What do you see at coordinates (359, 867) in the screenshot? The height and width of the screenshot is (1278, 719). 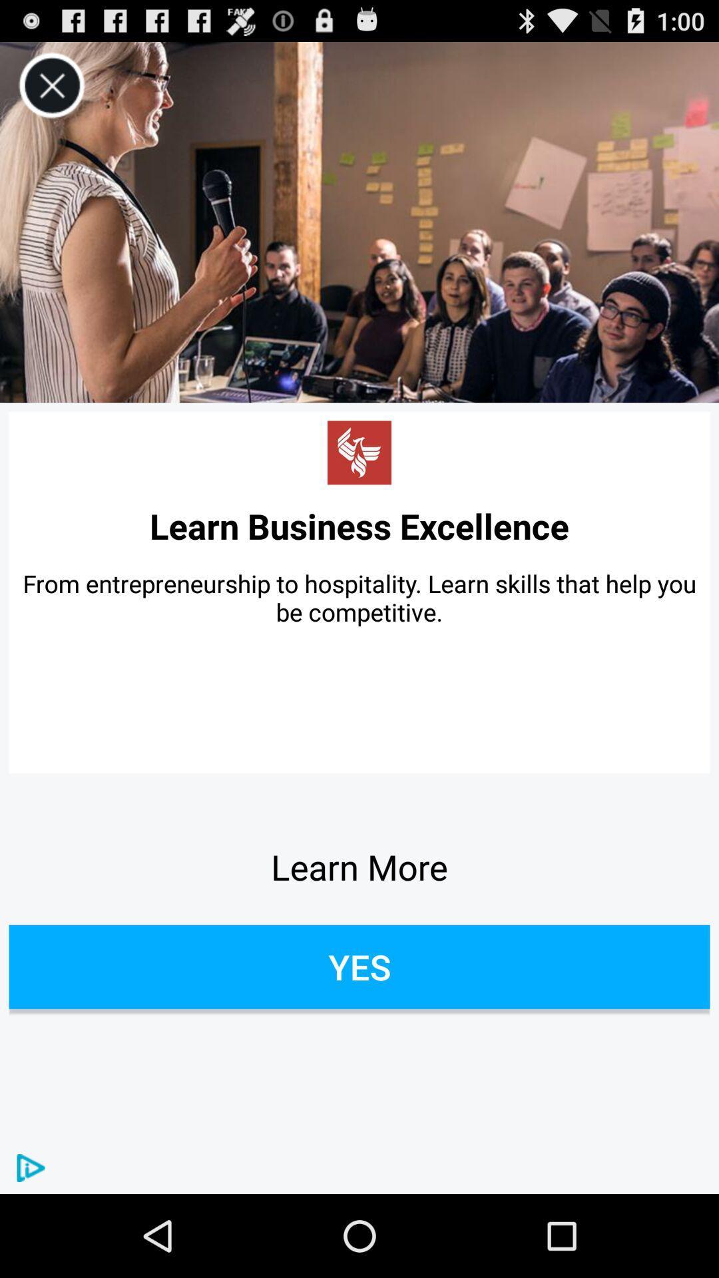 I see `the button above yes` at bounding box center [359, 867].